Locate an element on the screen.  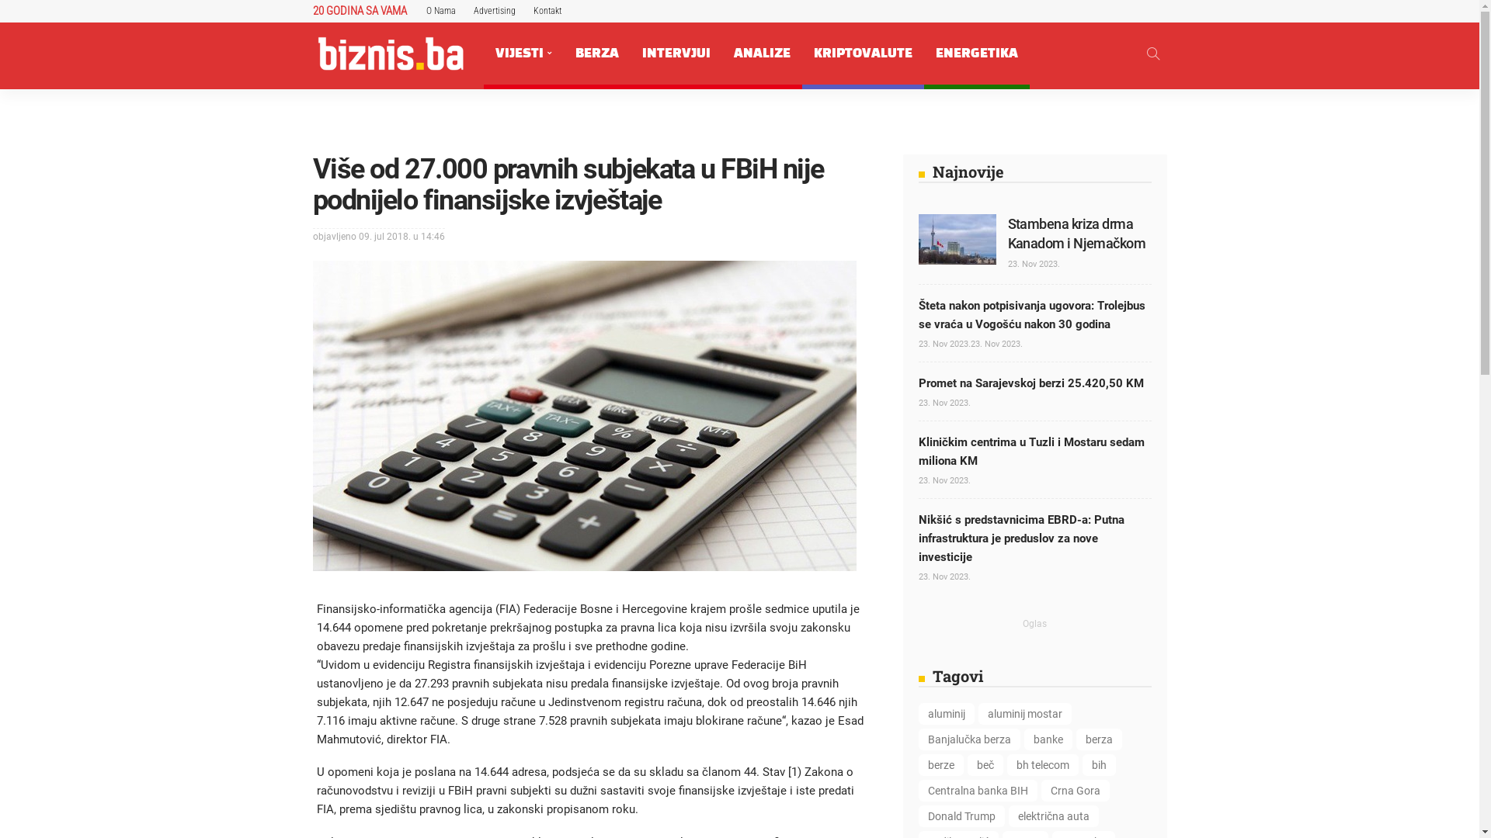
'O Nama' is located at coordinates (439, 11).